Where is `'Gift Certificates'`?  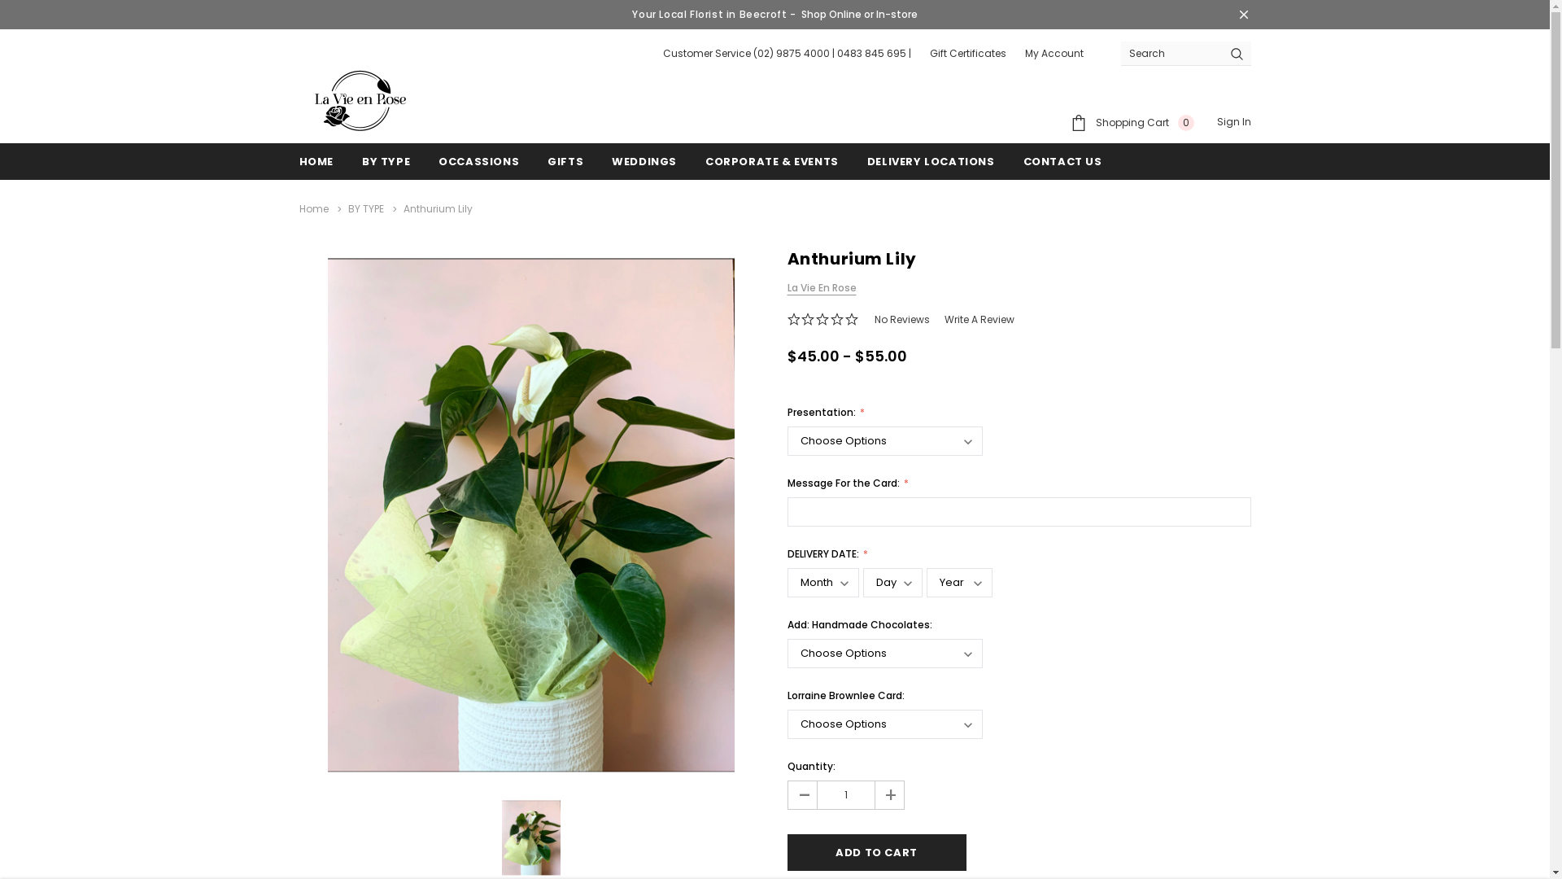 'Gift Certificates' is located at coordinates (967, 52).